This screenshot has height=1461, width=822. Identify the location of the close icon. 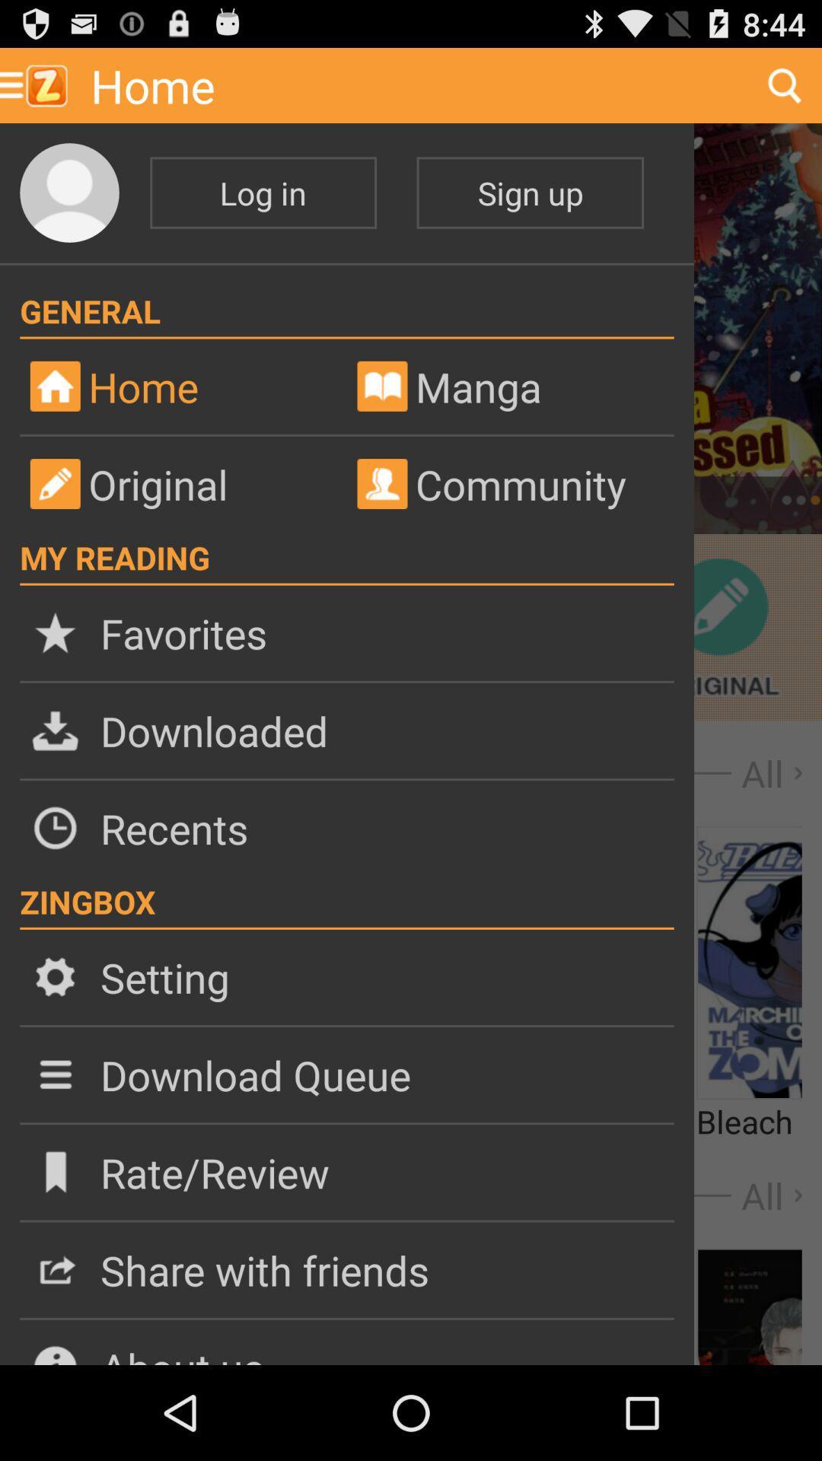
(348, 1398).